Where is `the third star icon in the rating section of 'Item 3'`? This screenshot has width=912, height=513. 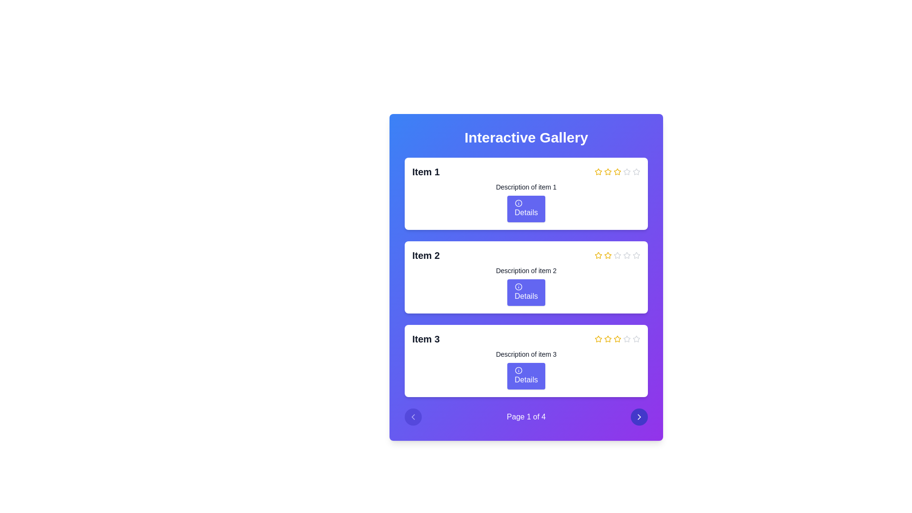
the third star icon in the rating section of 'Item 3' is located at coordinates (627, 338).